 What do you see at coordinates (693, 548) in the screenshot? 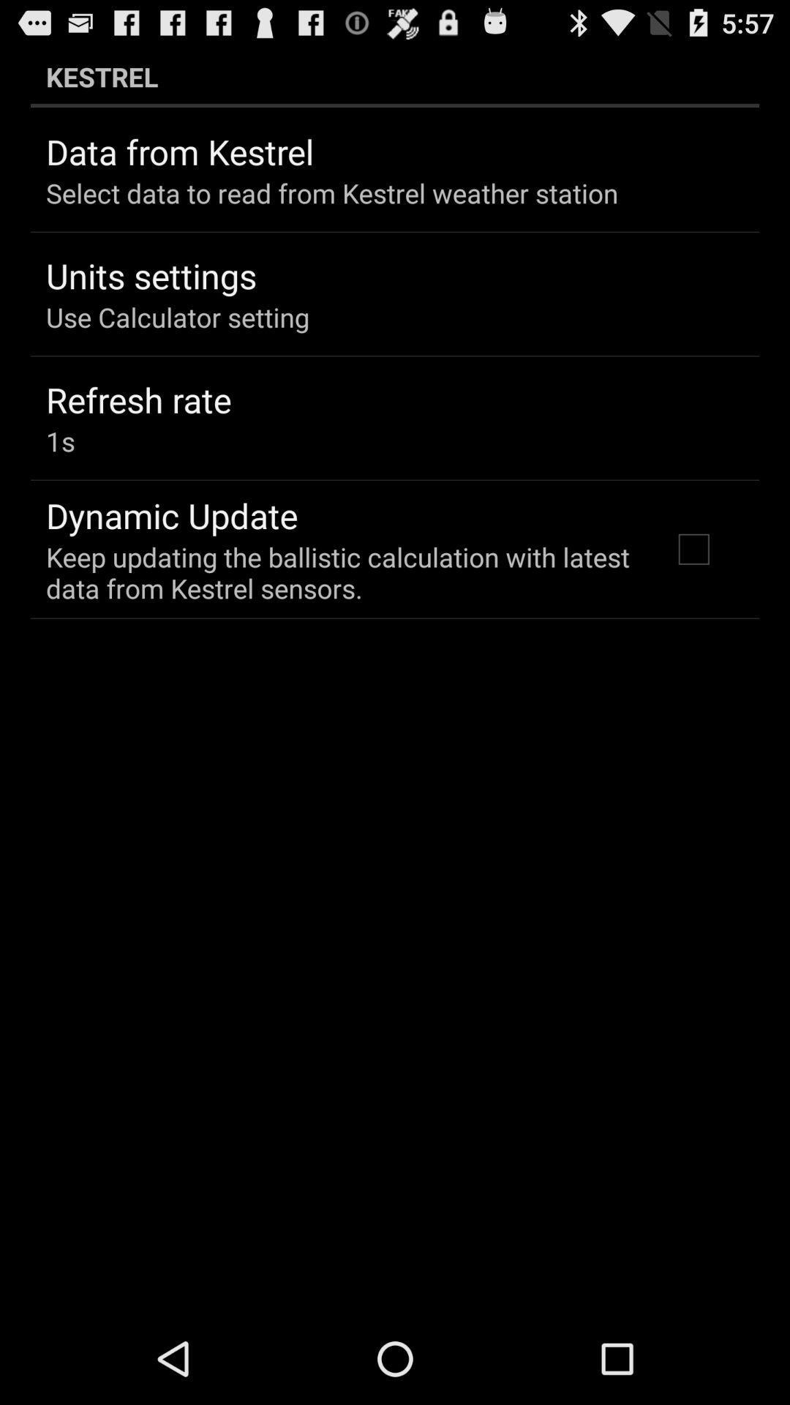
I see `checkbox on the right` at bounding box center [693, 548].